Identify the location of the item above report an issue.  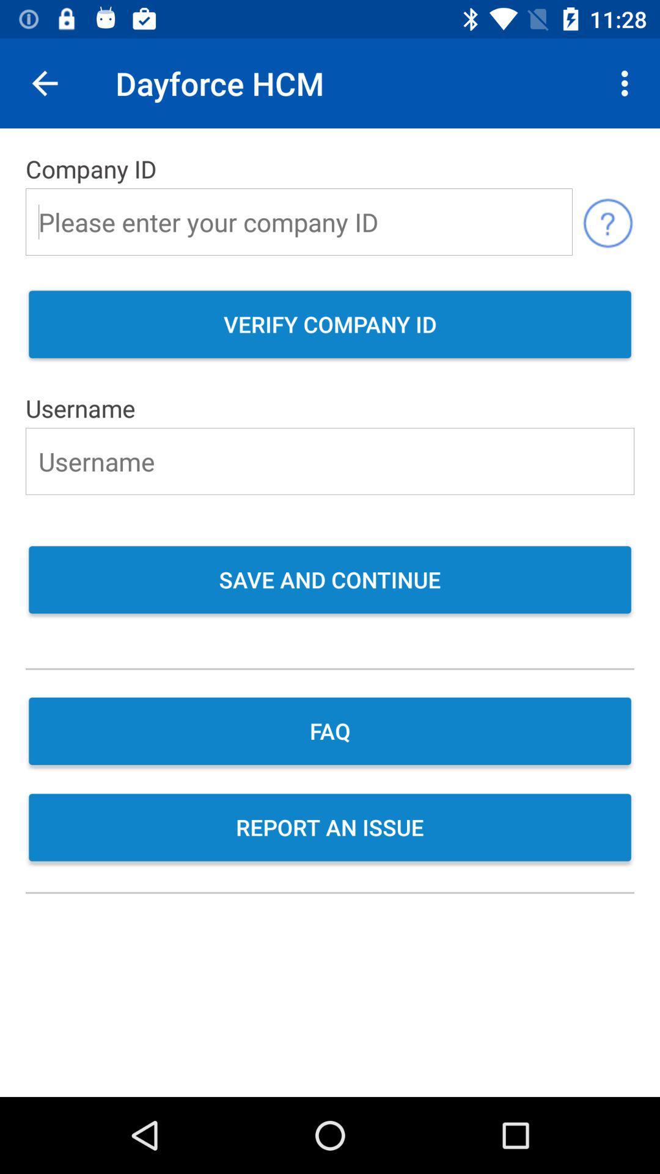
(330, 733).